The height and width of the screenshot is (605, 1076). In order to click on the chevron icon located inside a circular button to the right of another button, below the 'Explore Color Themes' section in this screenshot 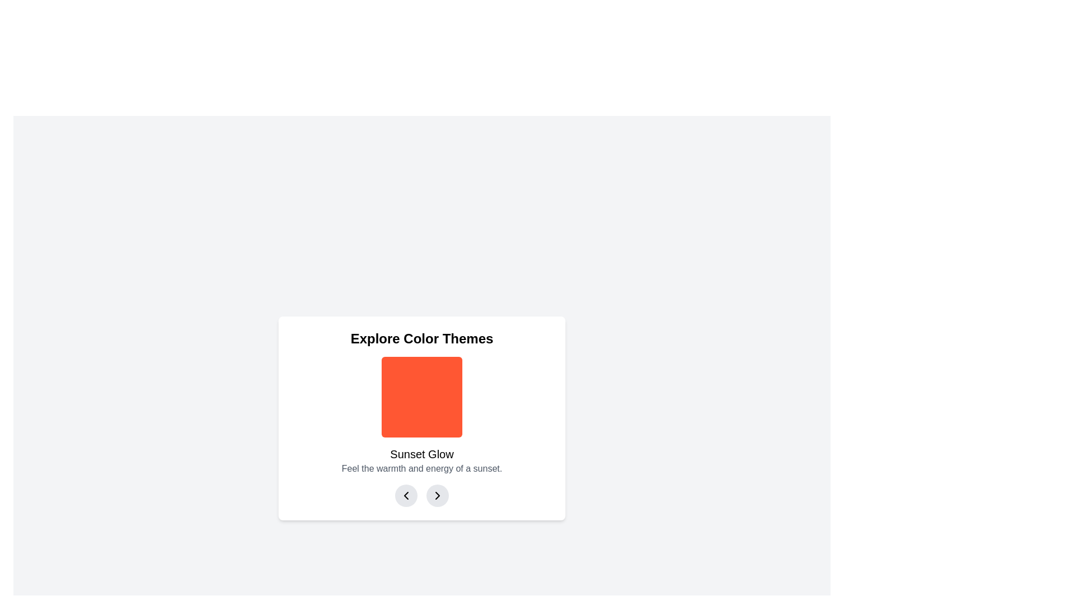, I will do `click(437, 495)`.